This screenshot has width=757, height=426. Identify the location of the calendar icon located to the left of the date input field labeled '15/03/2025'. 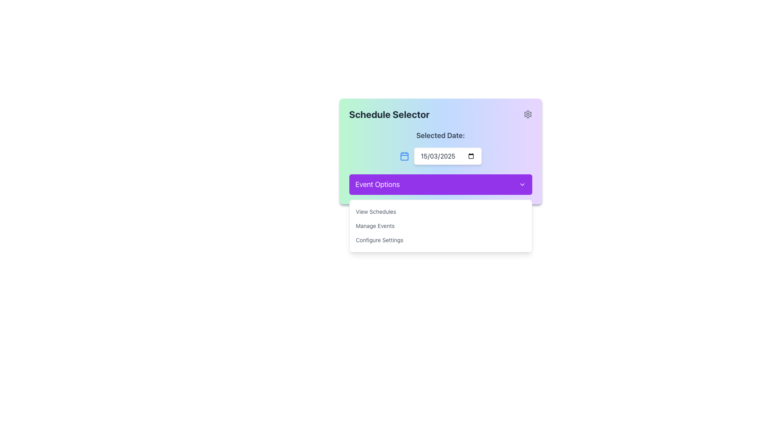
(404, 156).